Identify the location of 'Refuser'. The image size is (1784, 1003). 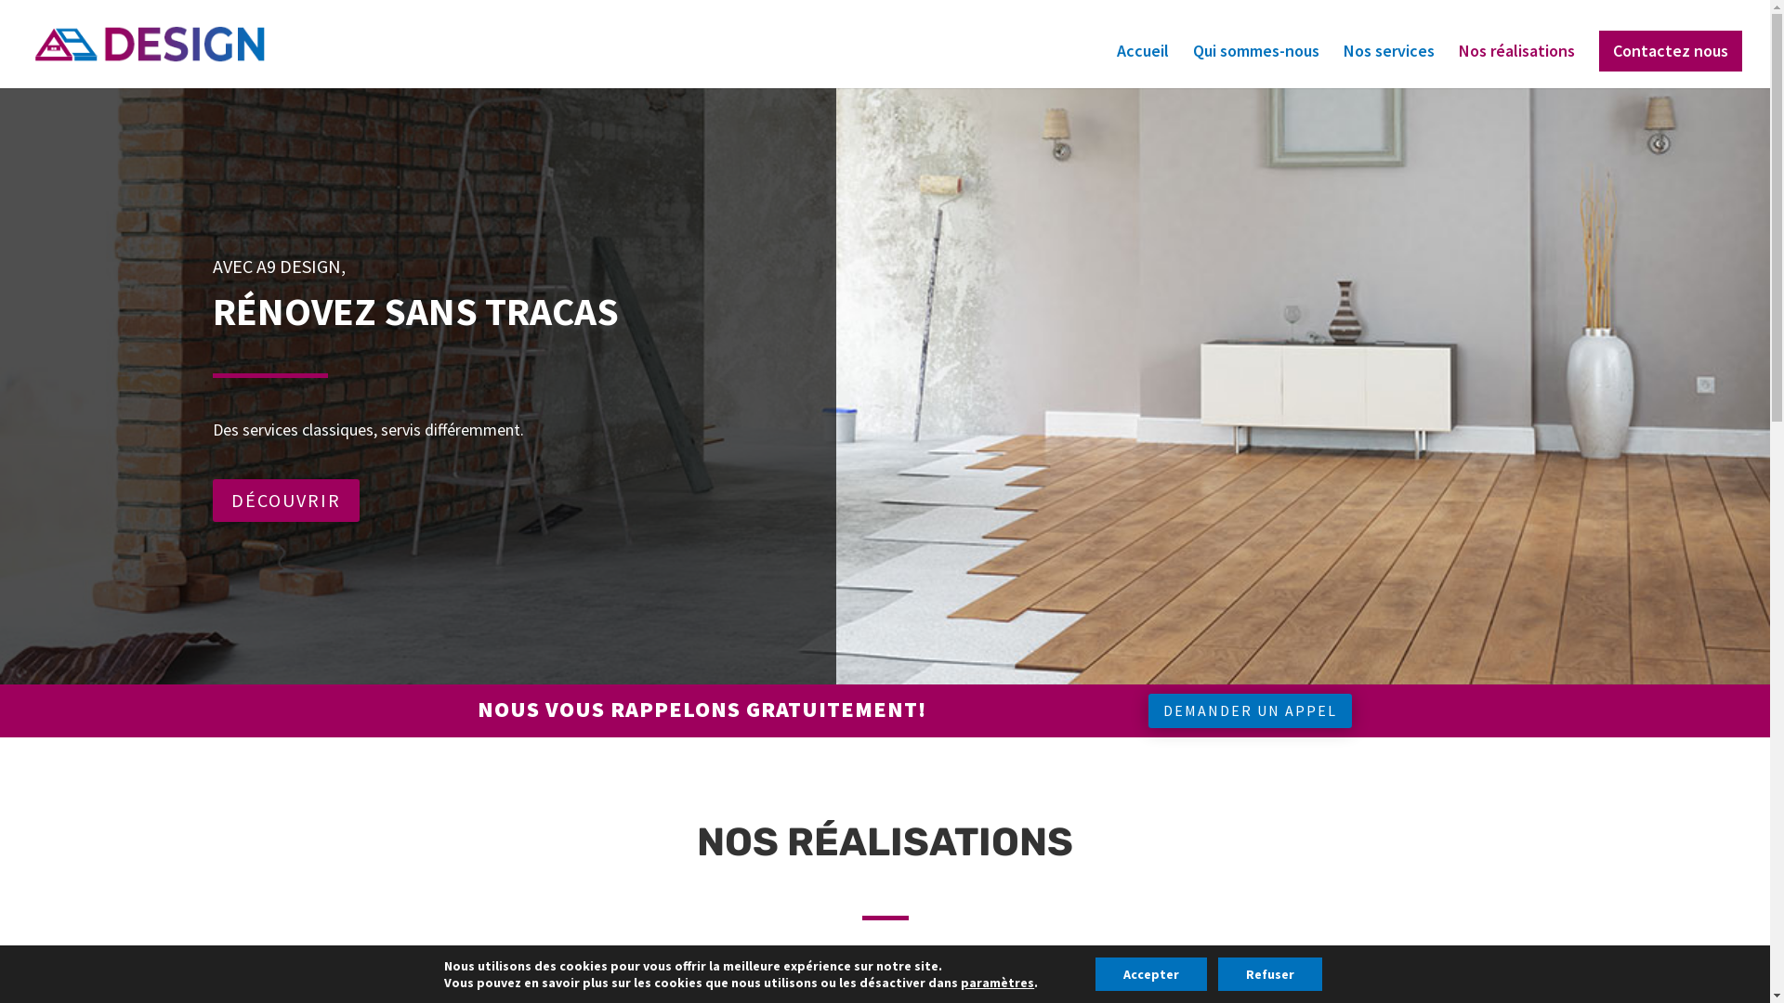
(1217, 973).